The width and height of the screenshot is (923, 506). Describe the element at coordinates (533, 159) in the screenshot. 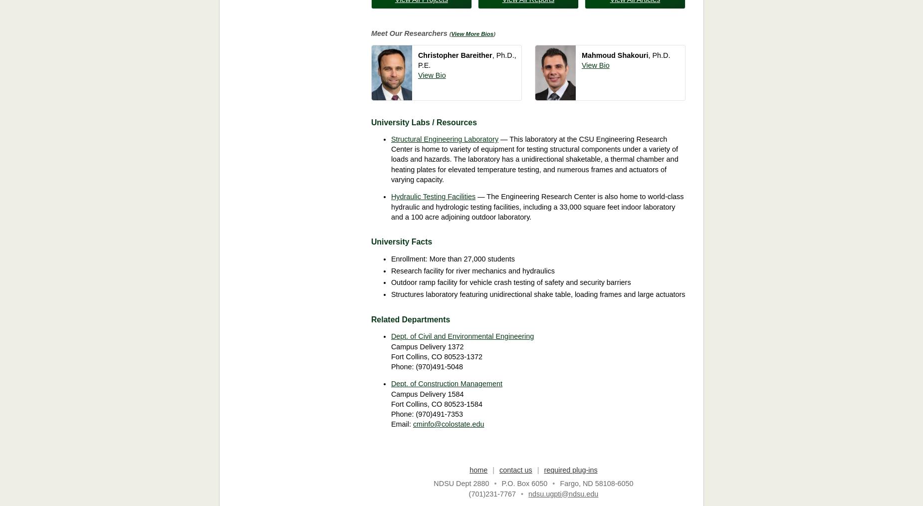

I see `'— This laboratory at the CSU Engineering Research Center is home to variety of equipment for testing  structural components under a variety of loads and hazards. The laboratory has a unidirectional shaketable, a thermal chamber and heating plates for elevated temperature testing, and numerous frames and actuators of varying capacity.'` at that location.